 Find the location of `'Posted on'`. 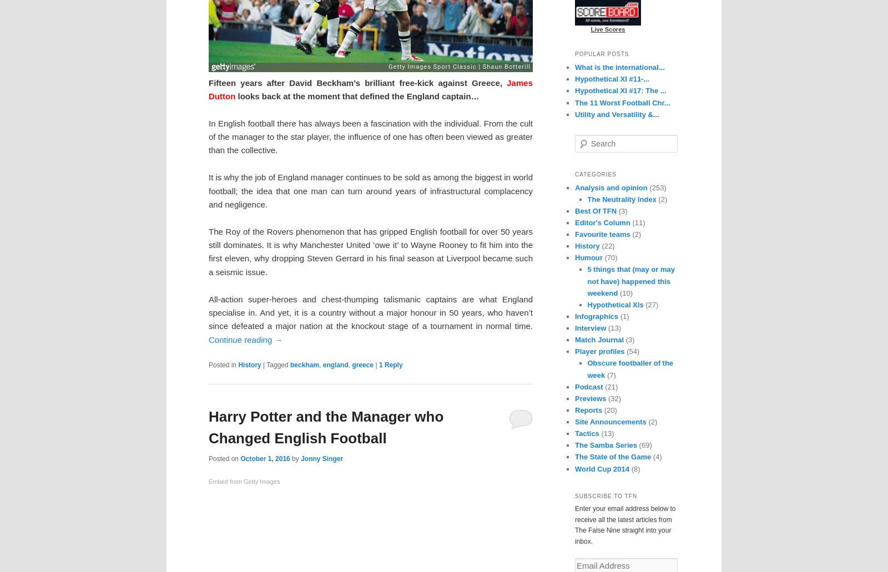

'Posted on' is located at coordinates (224, 458).